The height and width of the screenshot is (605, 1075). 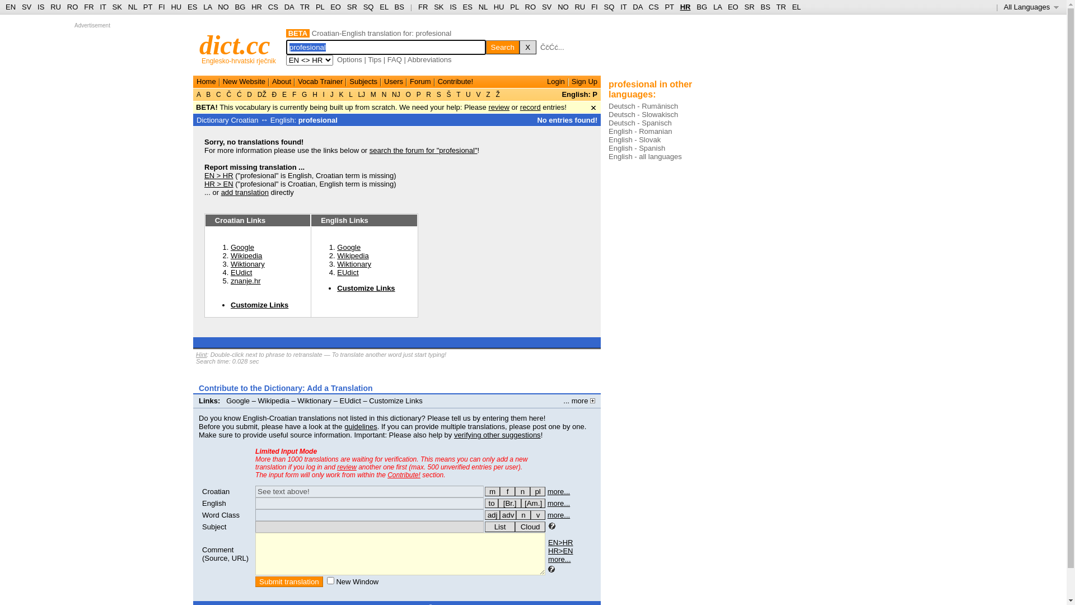 What do you see at coordinates (488, 107) in the screenshot?
I see `'review'` at bounding box center [488, 107].